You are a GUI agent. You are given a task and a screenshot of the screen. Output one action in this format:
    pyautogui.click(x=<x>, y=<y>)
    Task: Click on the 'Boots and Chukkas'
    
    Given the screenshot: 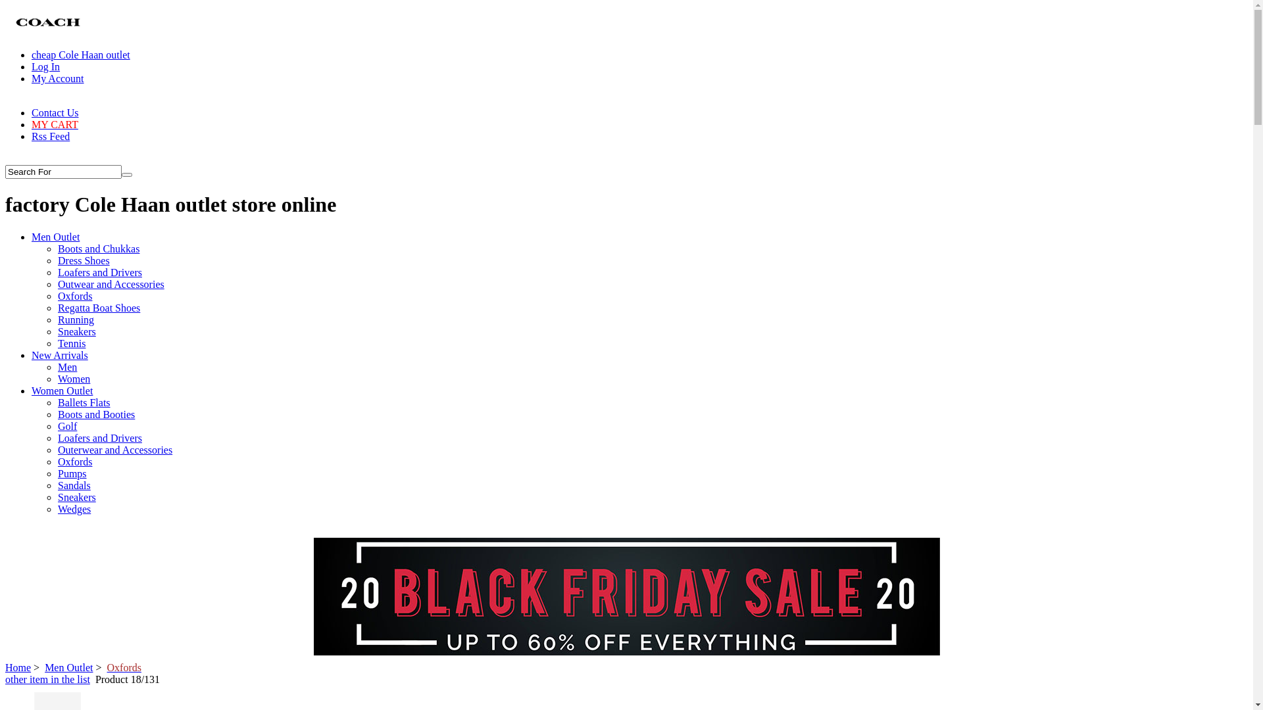 What is the action you would take?
    pyautogui.click(x=97, y=248)
    